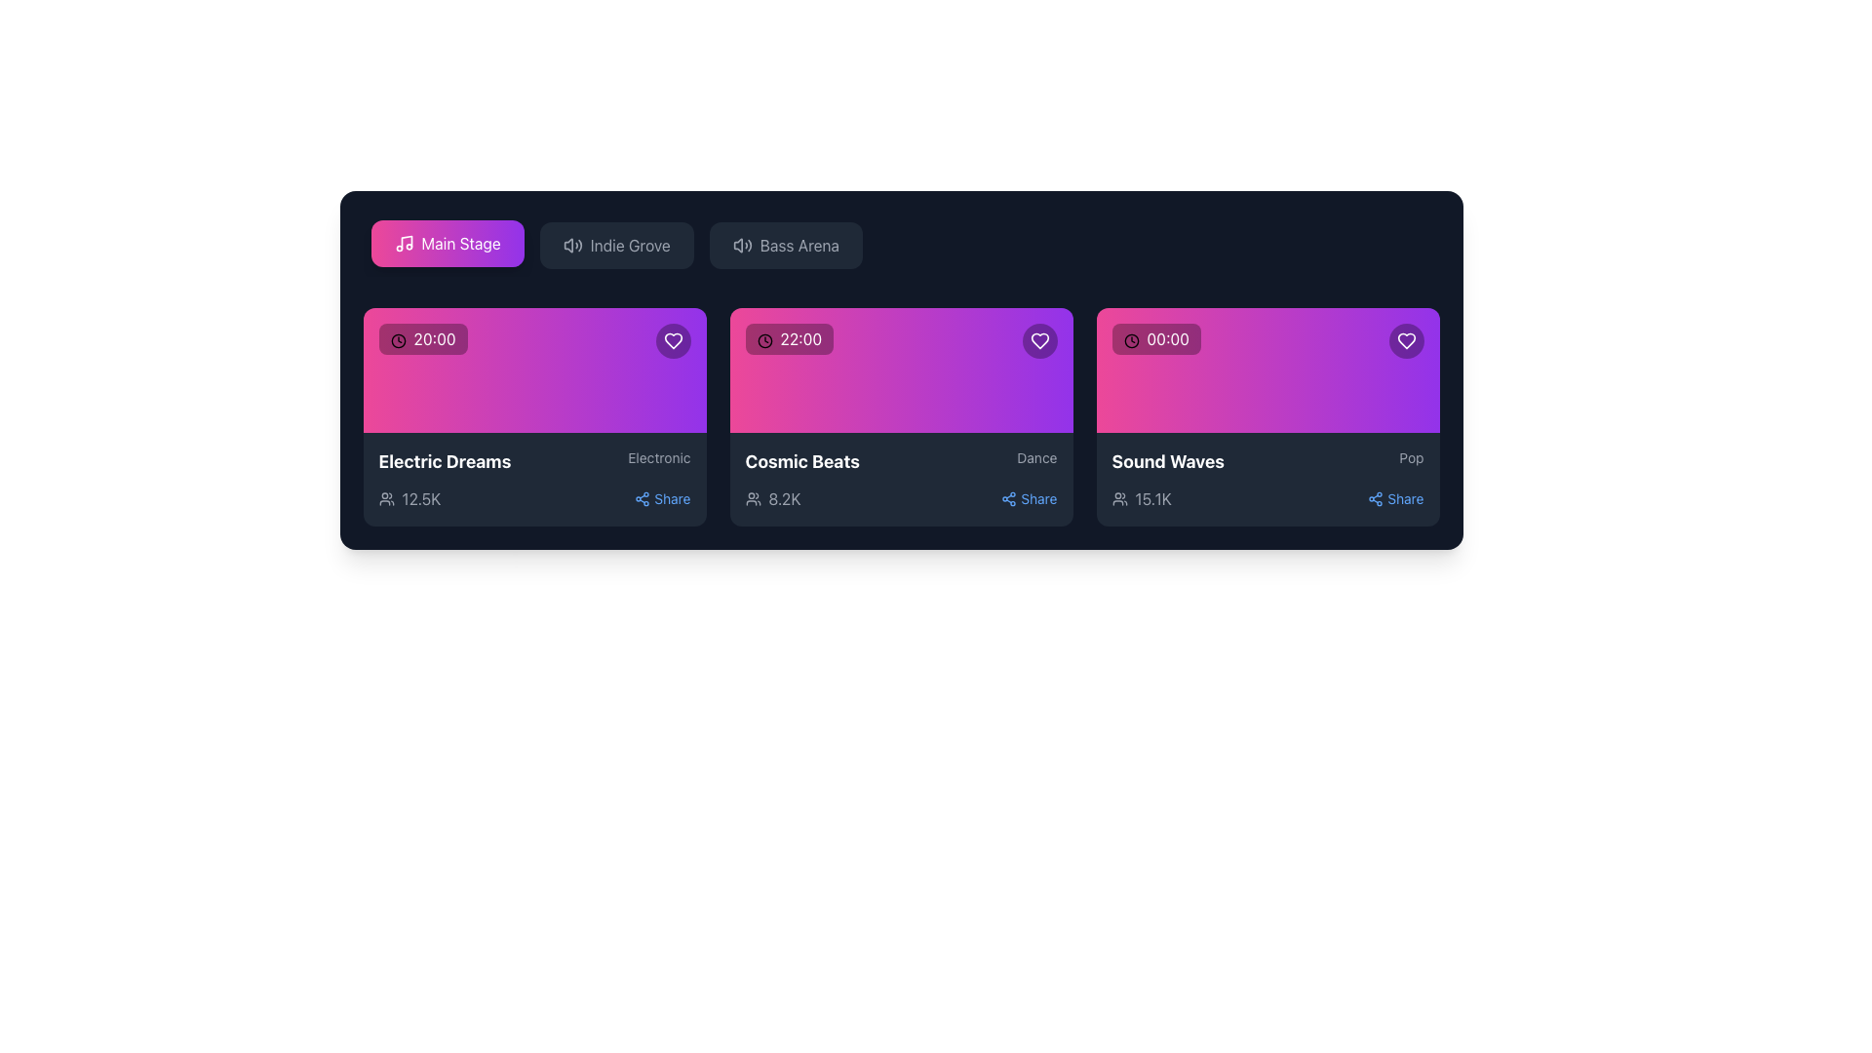 This screenshot has height=1053, width=1872. I want to click on the 'Share' button, which is styled with a light blue font color and located on the rightmost side of the 'Cosmic Beats' card at the bottom of the layout, so click(1028, 498).